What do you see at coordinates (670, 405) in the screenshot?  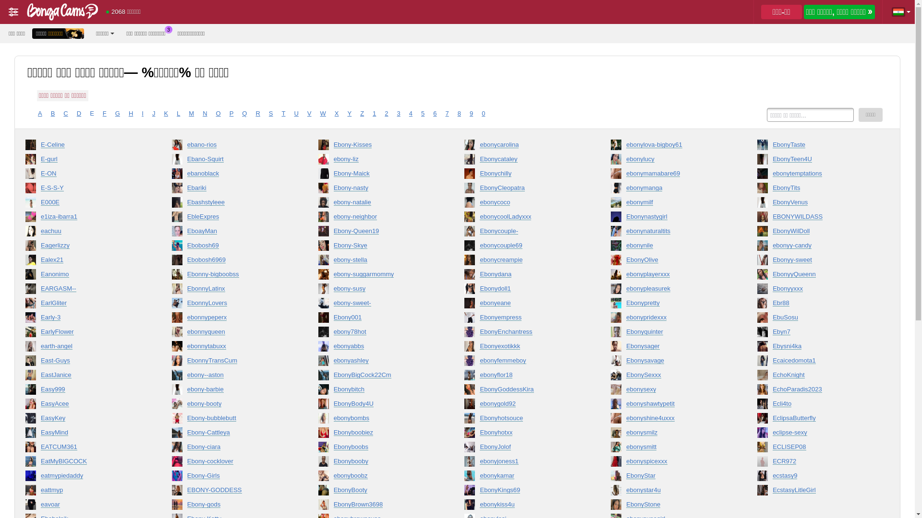 I see `'ebonyshawtypetit'` at bounding box center [670, 405].